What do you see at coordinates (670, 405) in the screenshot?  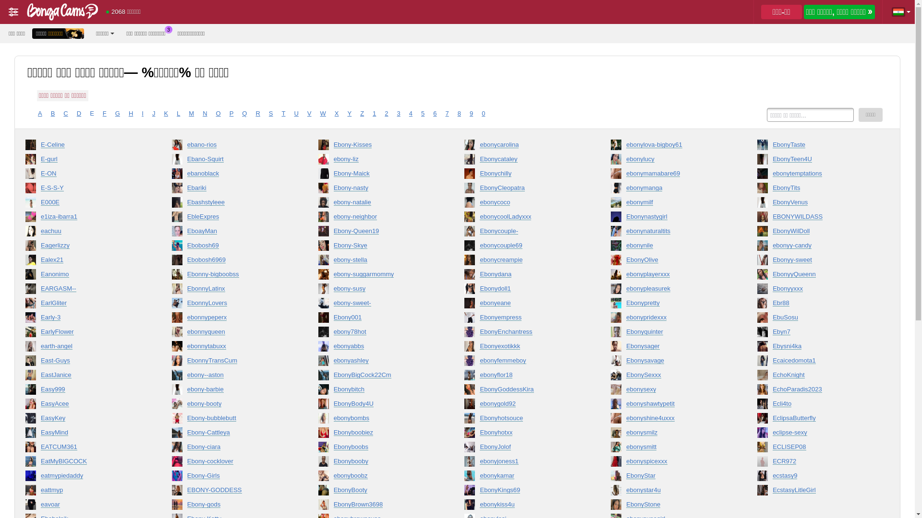 I see `'ebonyshawtypetit'` at bounding box center [670, 405].